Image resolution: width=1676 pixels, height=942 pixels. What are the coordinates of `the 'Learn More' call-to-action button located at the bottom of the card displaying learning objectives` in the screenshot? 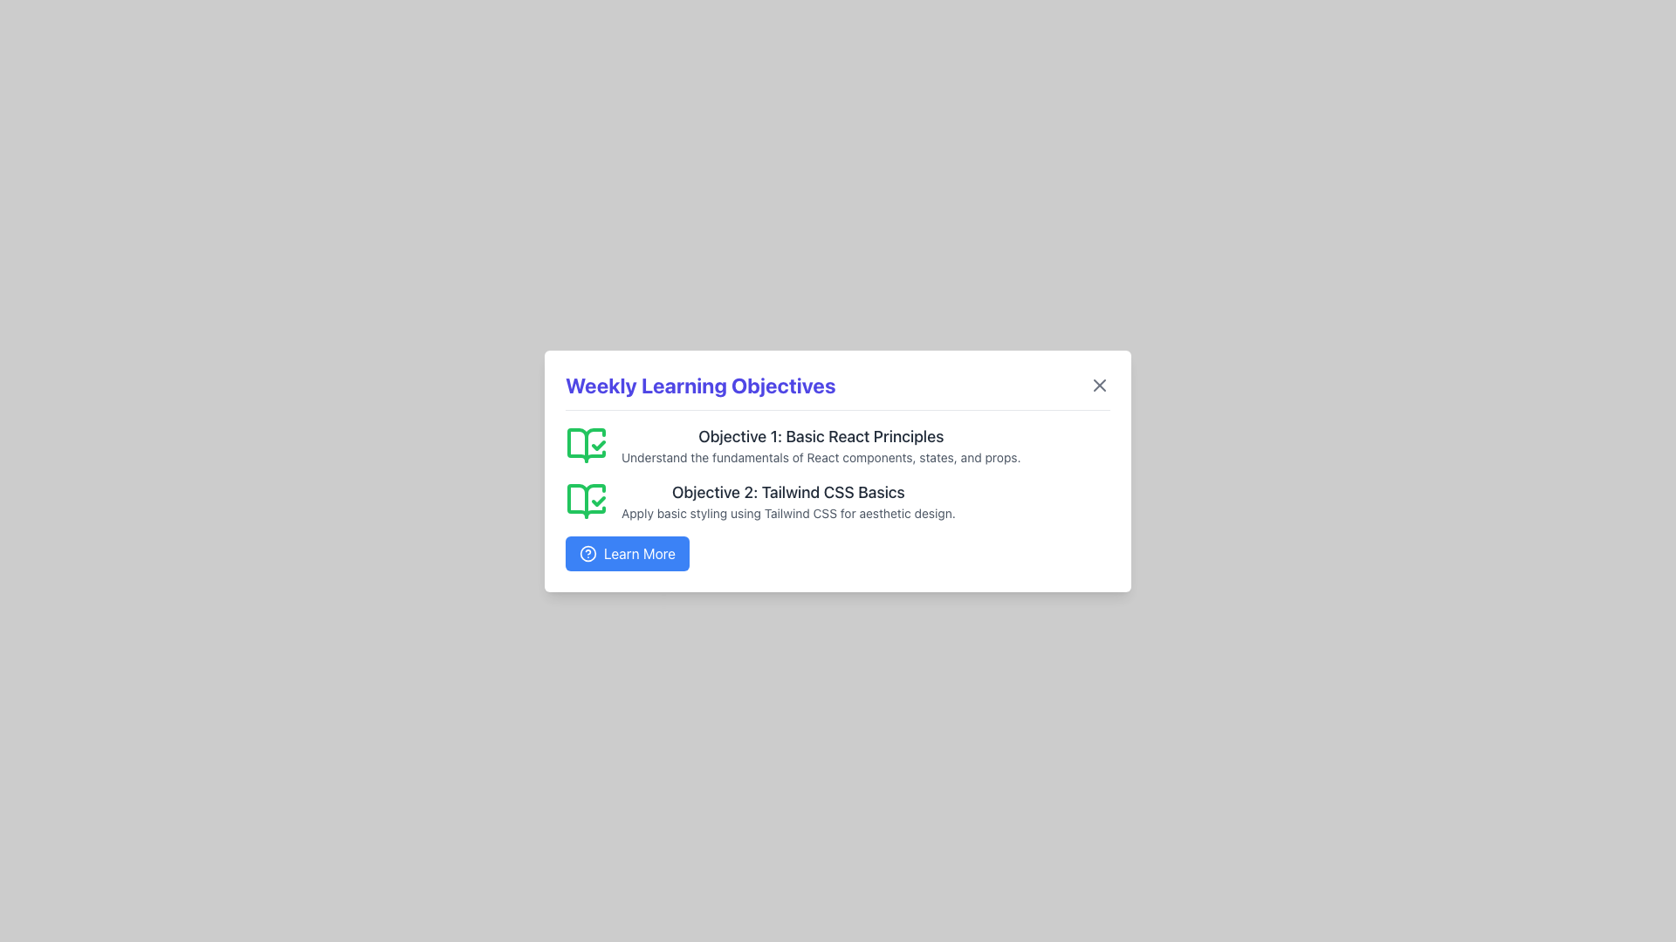 It's located at (628, 553).